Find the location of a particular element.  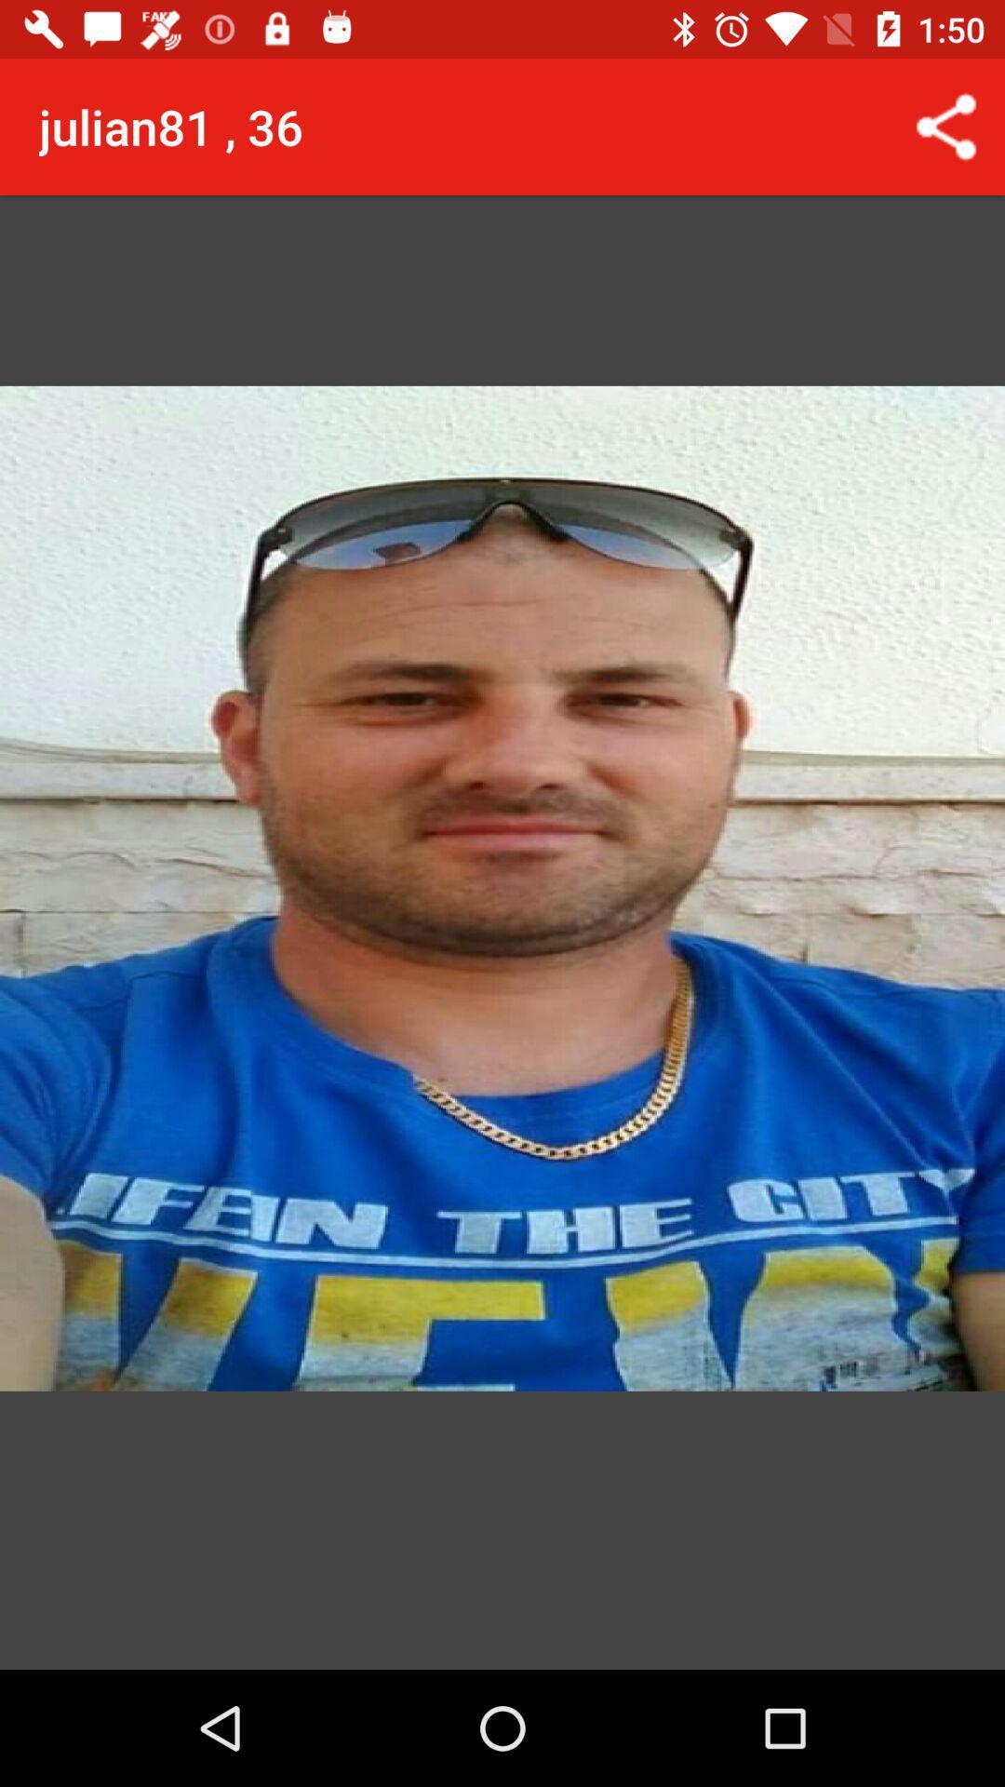

the icon at the center is located at coordinates (502, 863).